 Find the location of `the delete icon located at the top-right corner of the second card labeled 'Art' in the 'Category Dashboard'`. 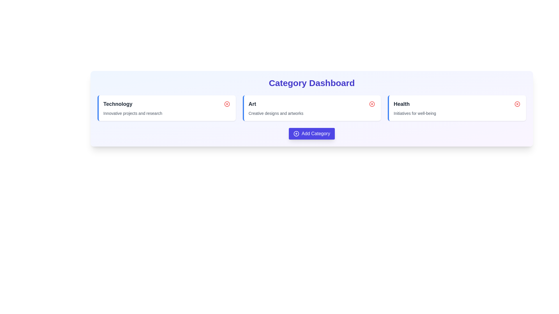

the delete icon located at the top-right corner of the second card labeled 'Art' in the 'Category Dashboard' is located at coordinates (372, 104).